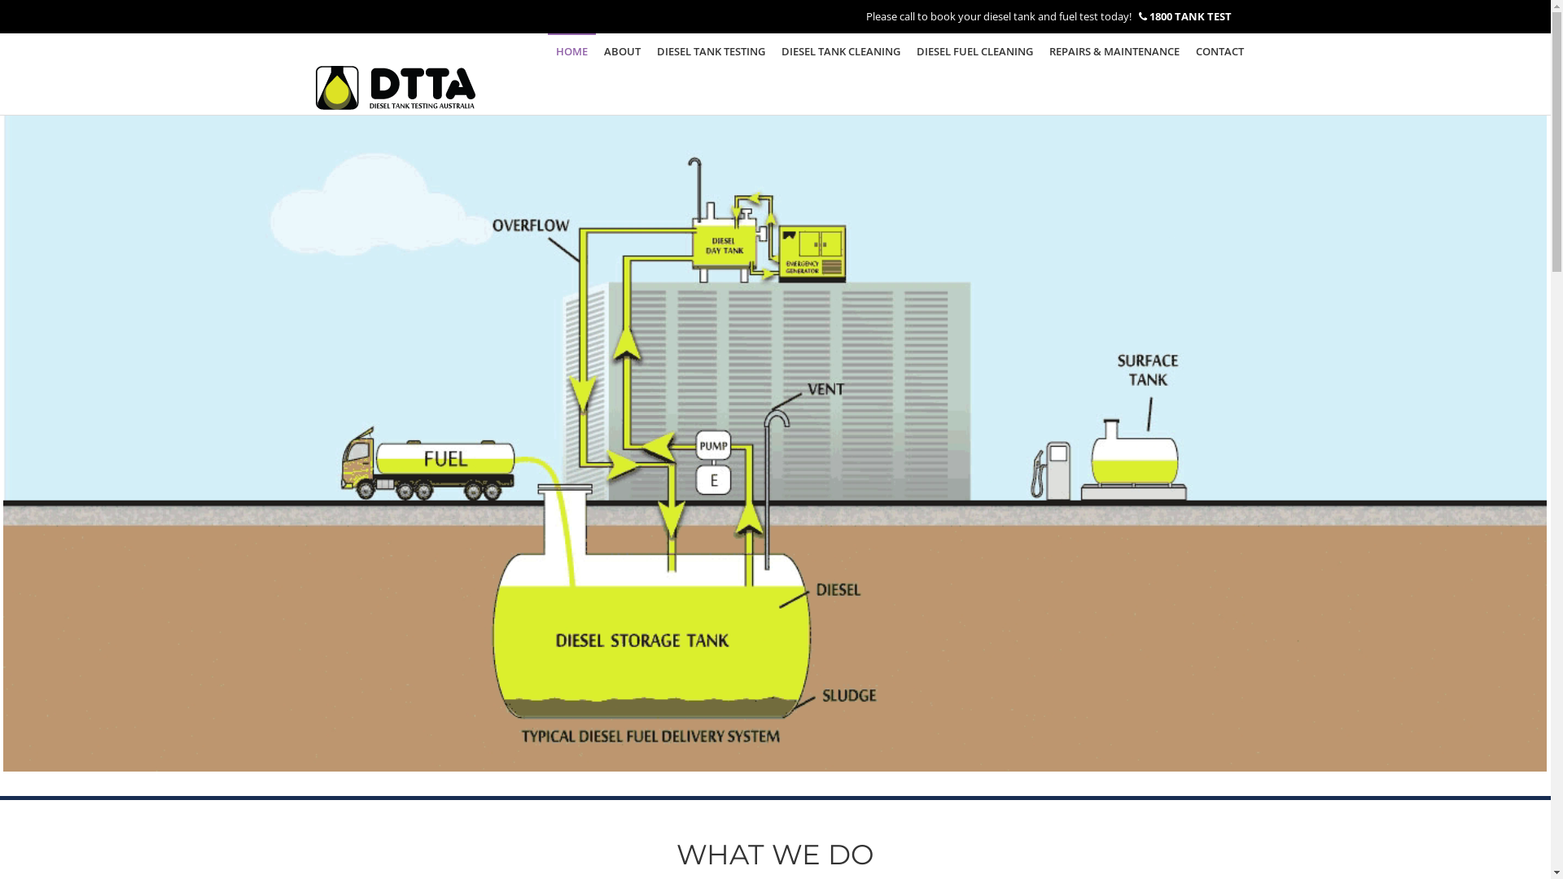 The width and height of the screenshot is (1563, 879). I want to click on 'DIESEL TANK CLEANING', so click(840, 50).